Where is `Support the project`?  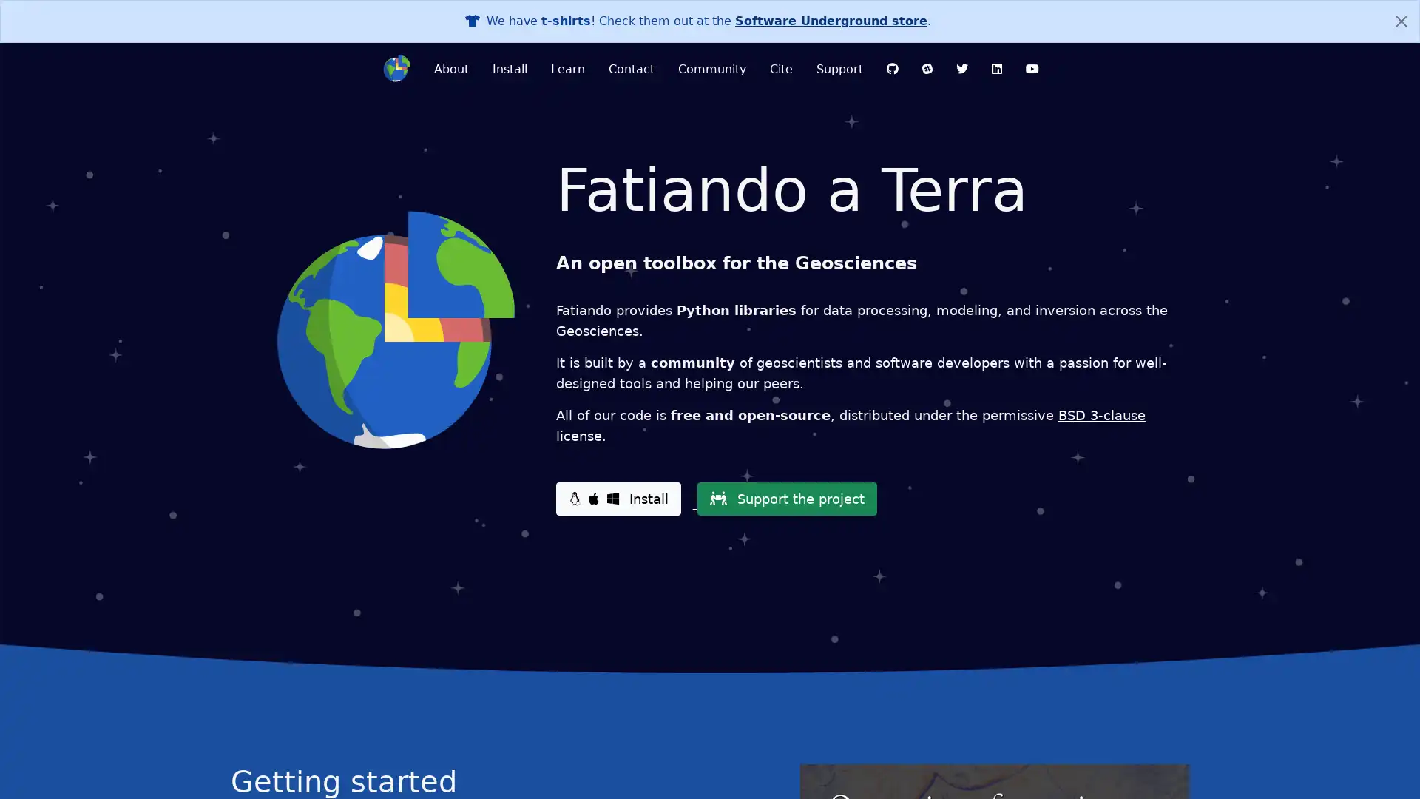
Support the project is located at coordinates (785, 499).